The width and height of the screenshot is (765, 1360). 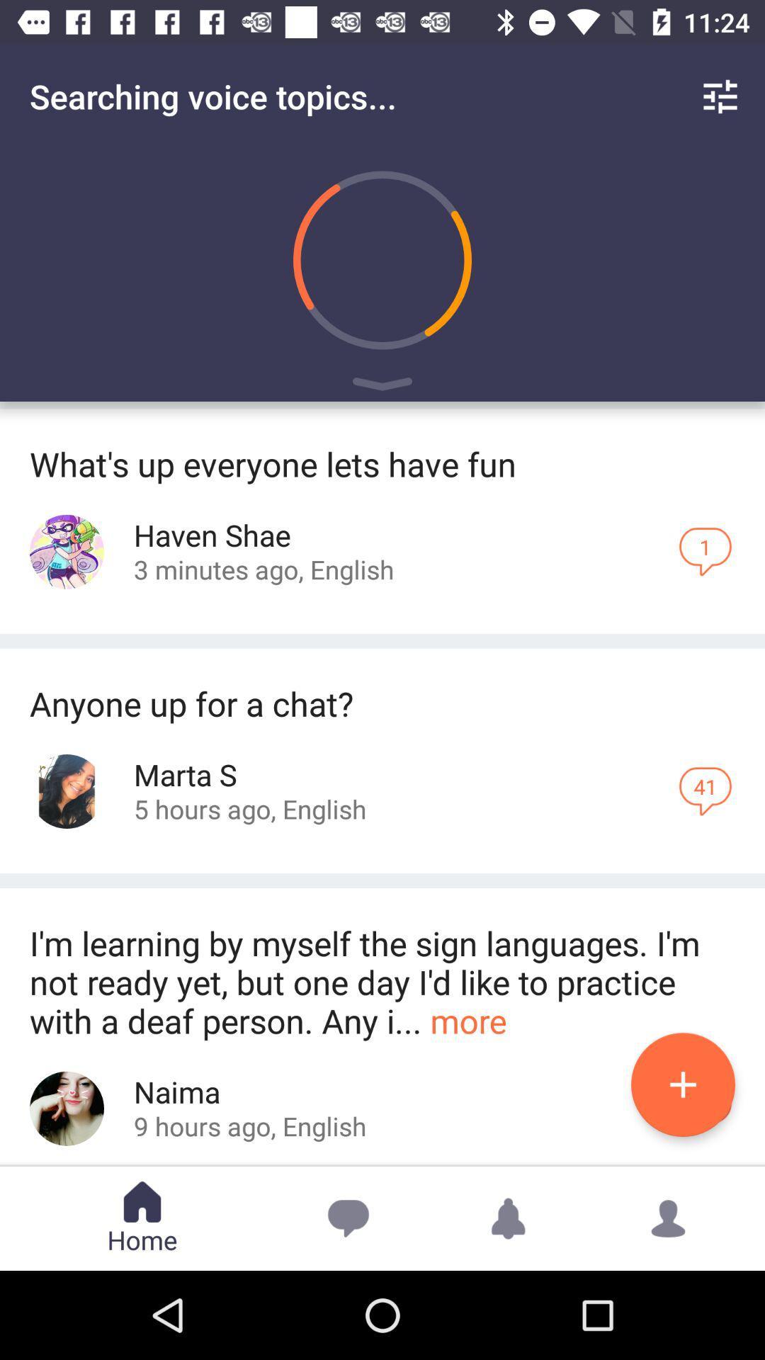 I want to click on profile picture, so click(x=67, y=1108).